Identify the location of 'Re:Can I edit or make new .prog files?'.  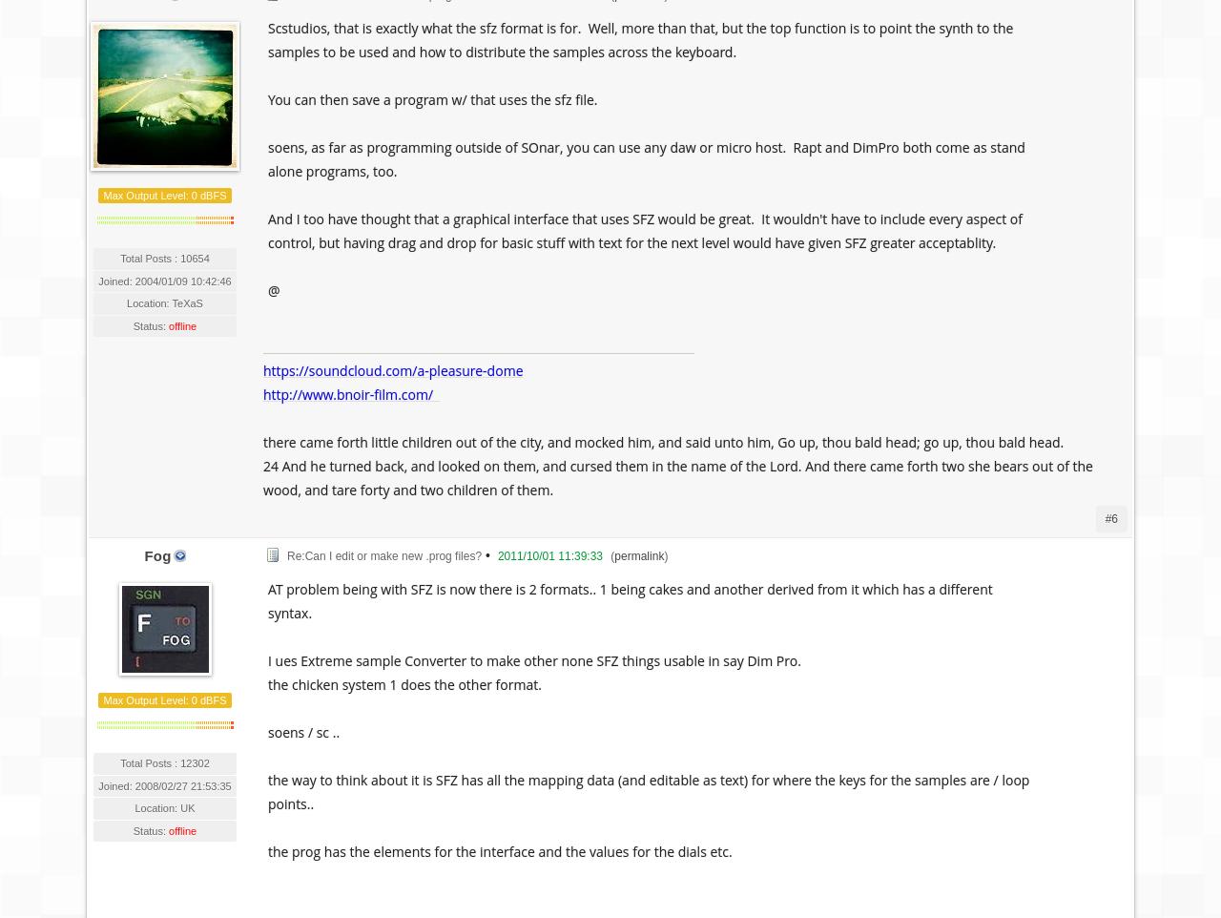
(383, 554).